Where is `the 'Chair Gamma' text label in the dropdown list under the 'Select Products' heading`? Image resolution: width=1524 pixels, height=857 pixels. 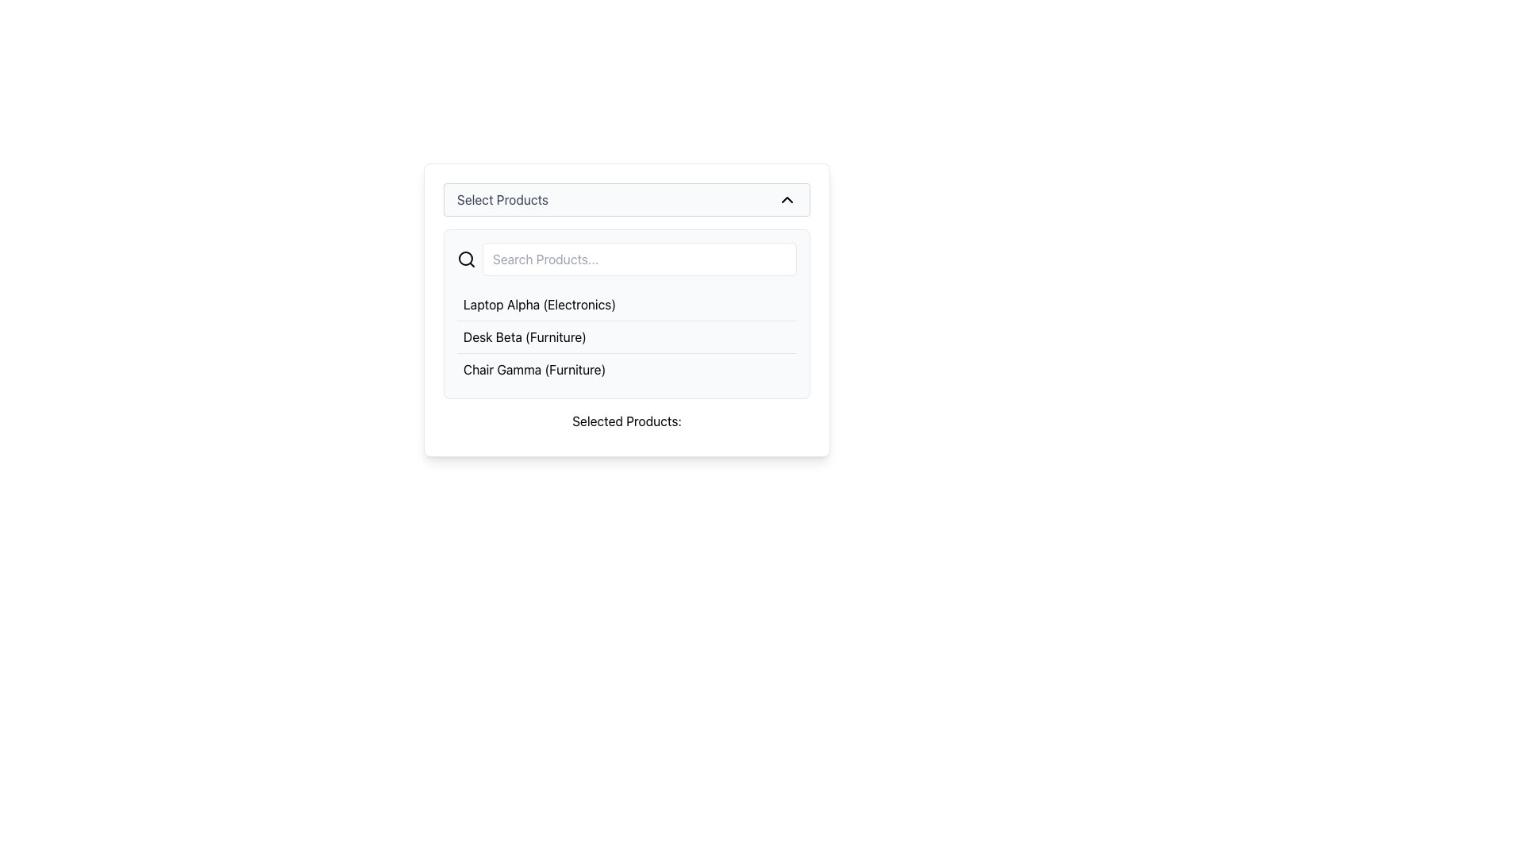
the 'Chair Gamma' text label in the dropdown list under the 'Select Products' heading is located at coordinates (534, 370).